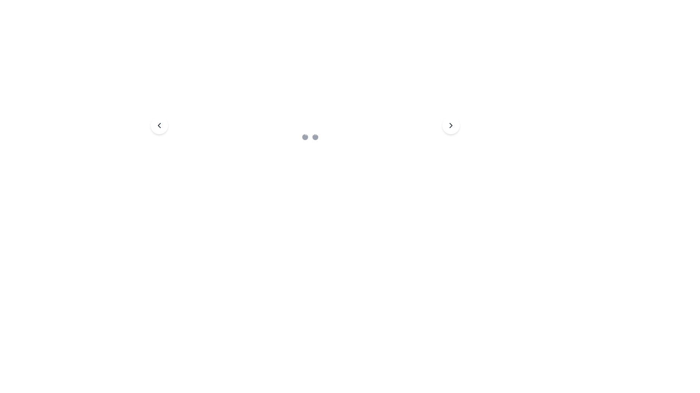 This screenshot has width=700, height=393. What do you see at coordinates (159, 125) in the screenshot?
I see `the circular button with a white background and a left-pointing chevron icon` at bounding box center [159, 125].